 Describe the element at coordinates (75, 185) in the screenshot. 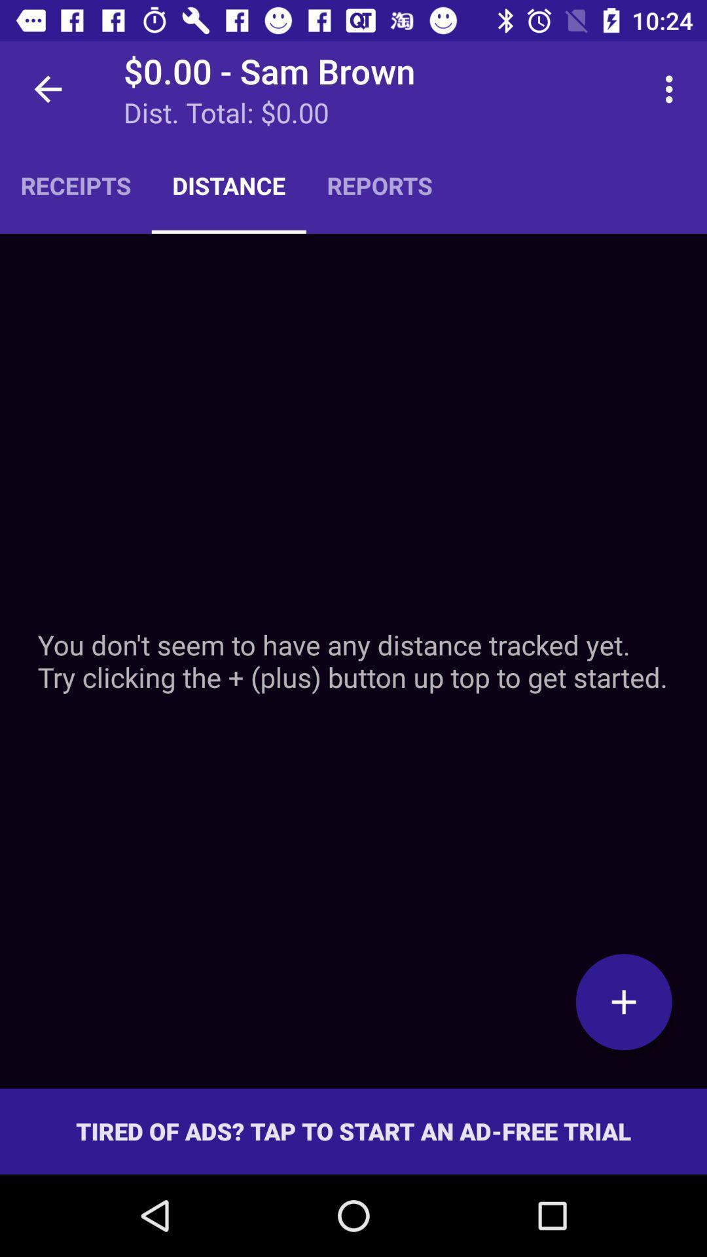

I see `item next to the distance` at that location.